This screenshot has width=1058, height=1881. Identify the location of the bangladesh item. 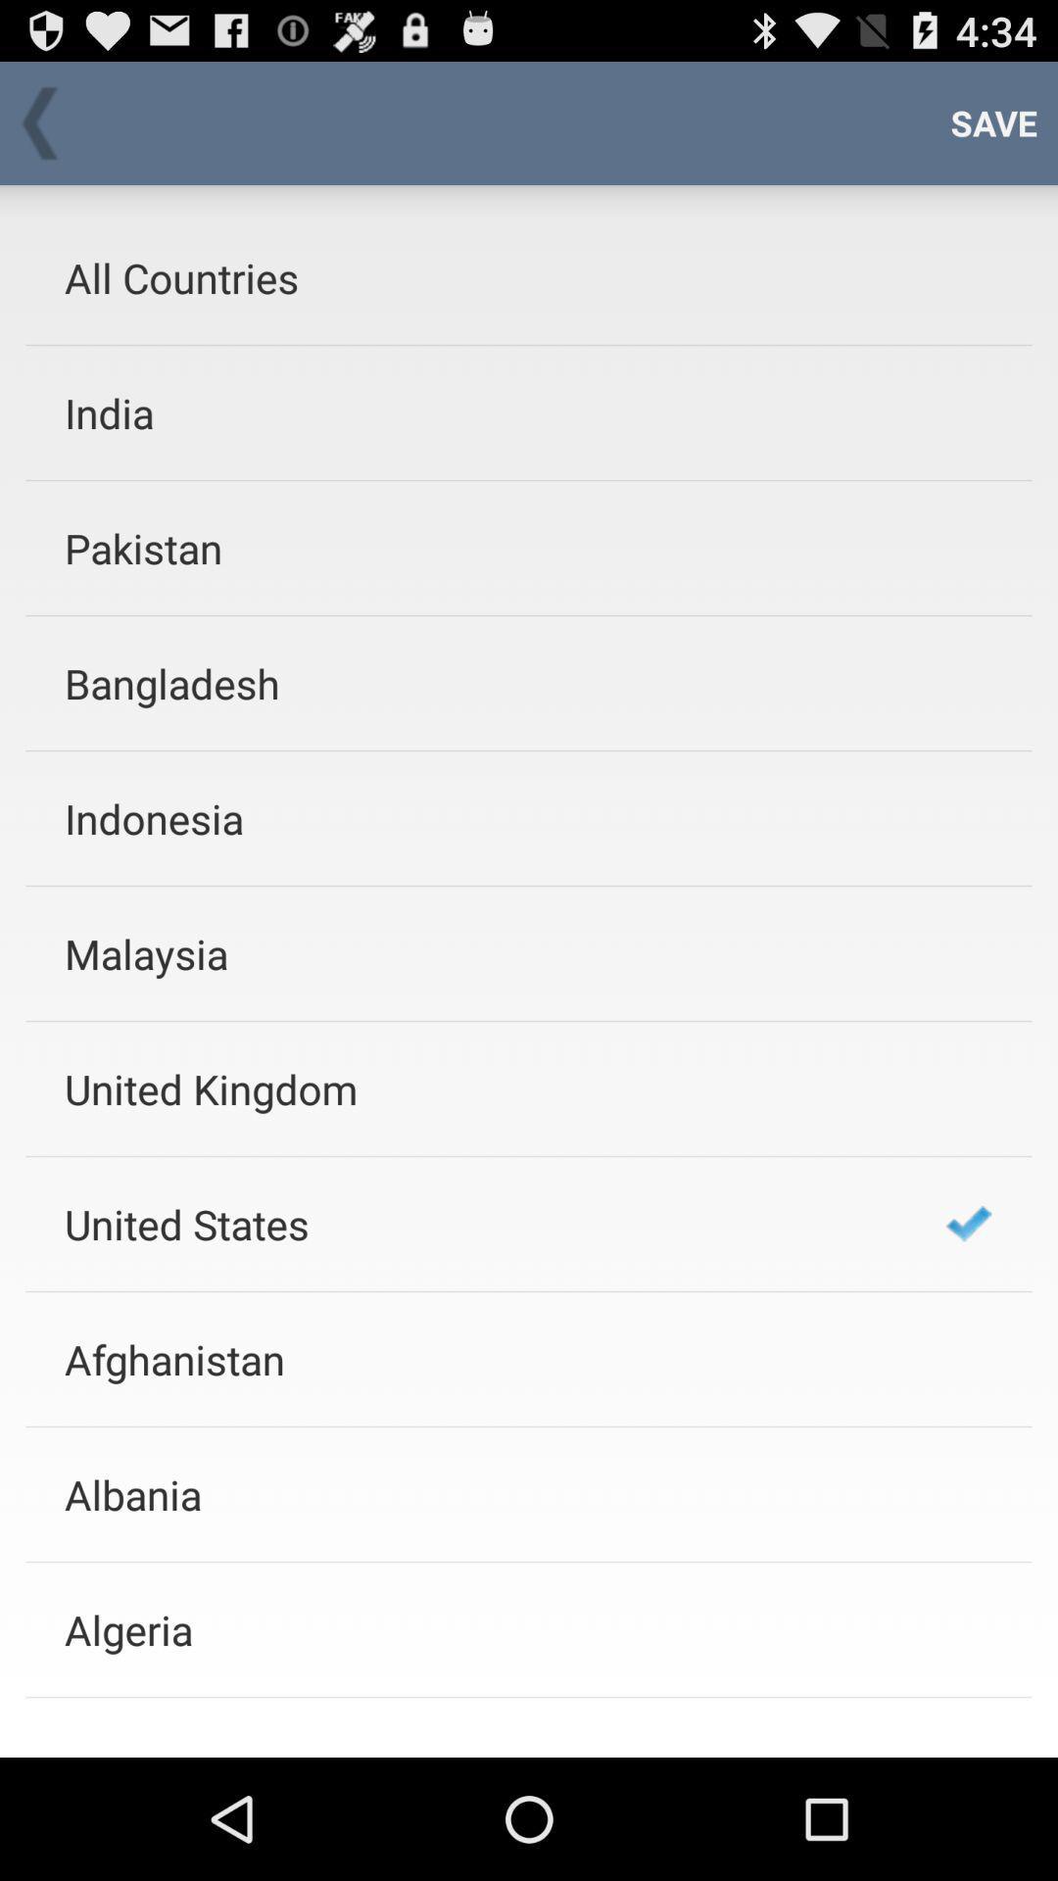
(479, 683).